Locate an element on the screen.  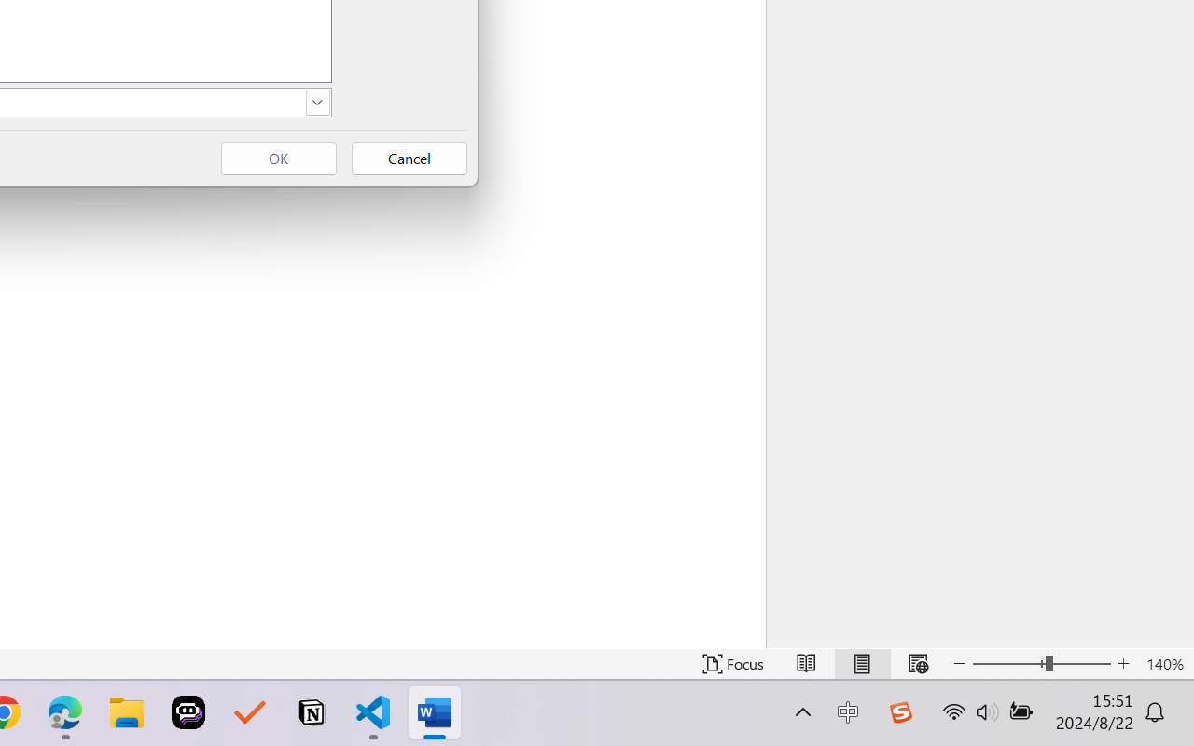
'Zoom In' is located at coordinates (1123, 663).